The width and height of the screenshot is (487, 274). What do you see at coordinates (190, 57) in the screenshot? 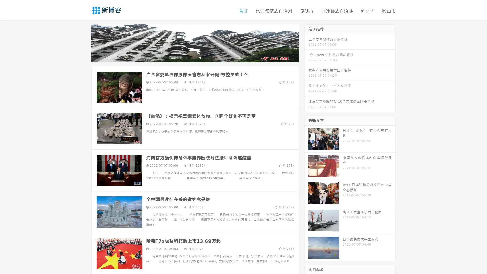
I see `Go to slide 1` at bounding box center [190, 57].